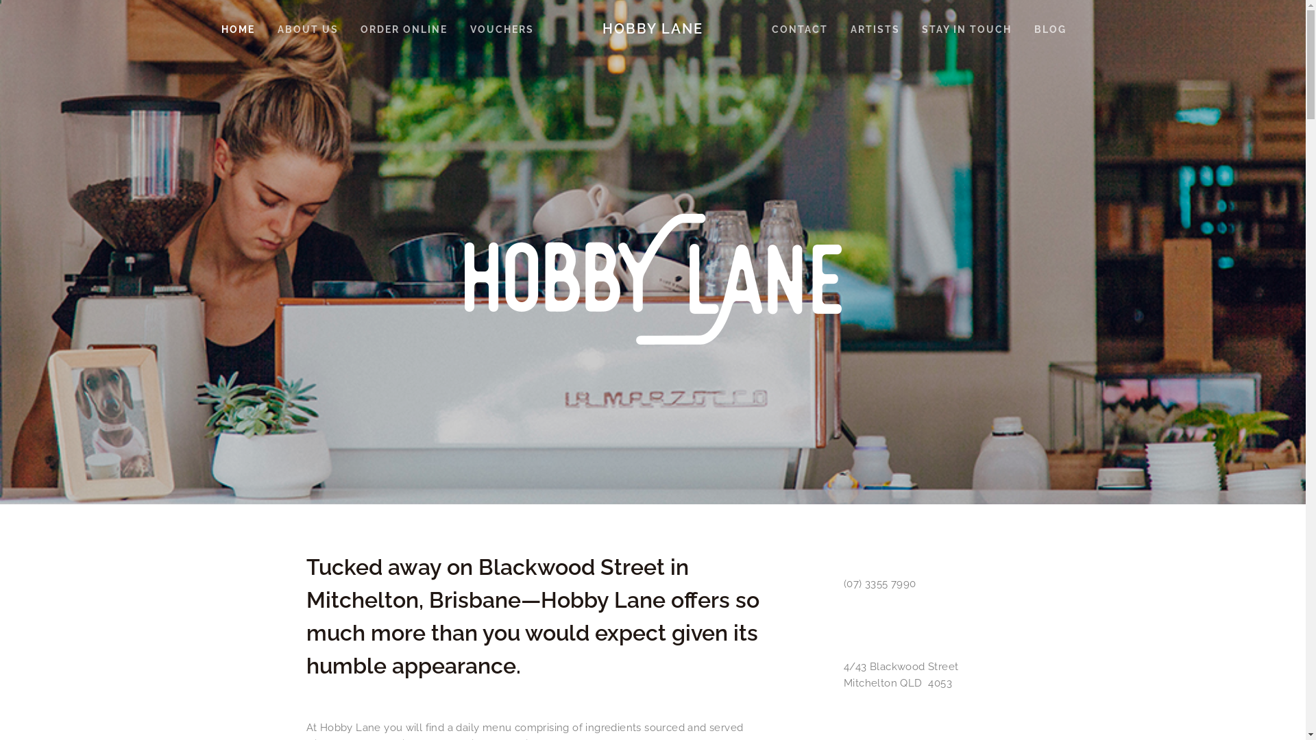 Image resolution: width=1316 pixels, height=740 pixels. What do you see at coordinates (461, 29) in the screenshot?
I see `'VOUCHERS'` at bounding box center [461, 29].